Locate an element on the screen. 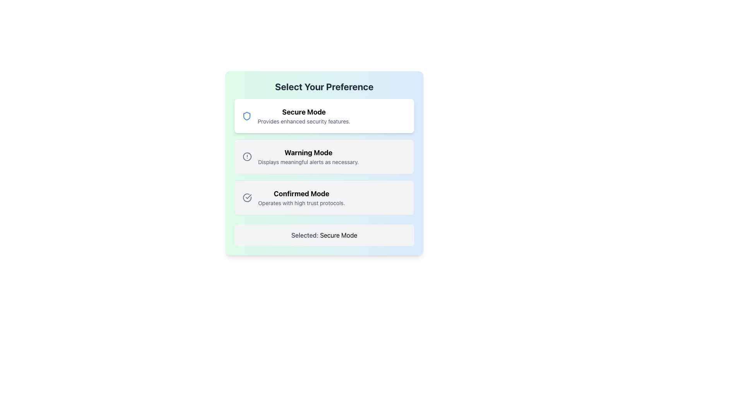  the 'Secure Mode' descriptive label located at the top center of the first option card in the selection menu is located at coordinates (303, 116).